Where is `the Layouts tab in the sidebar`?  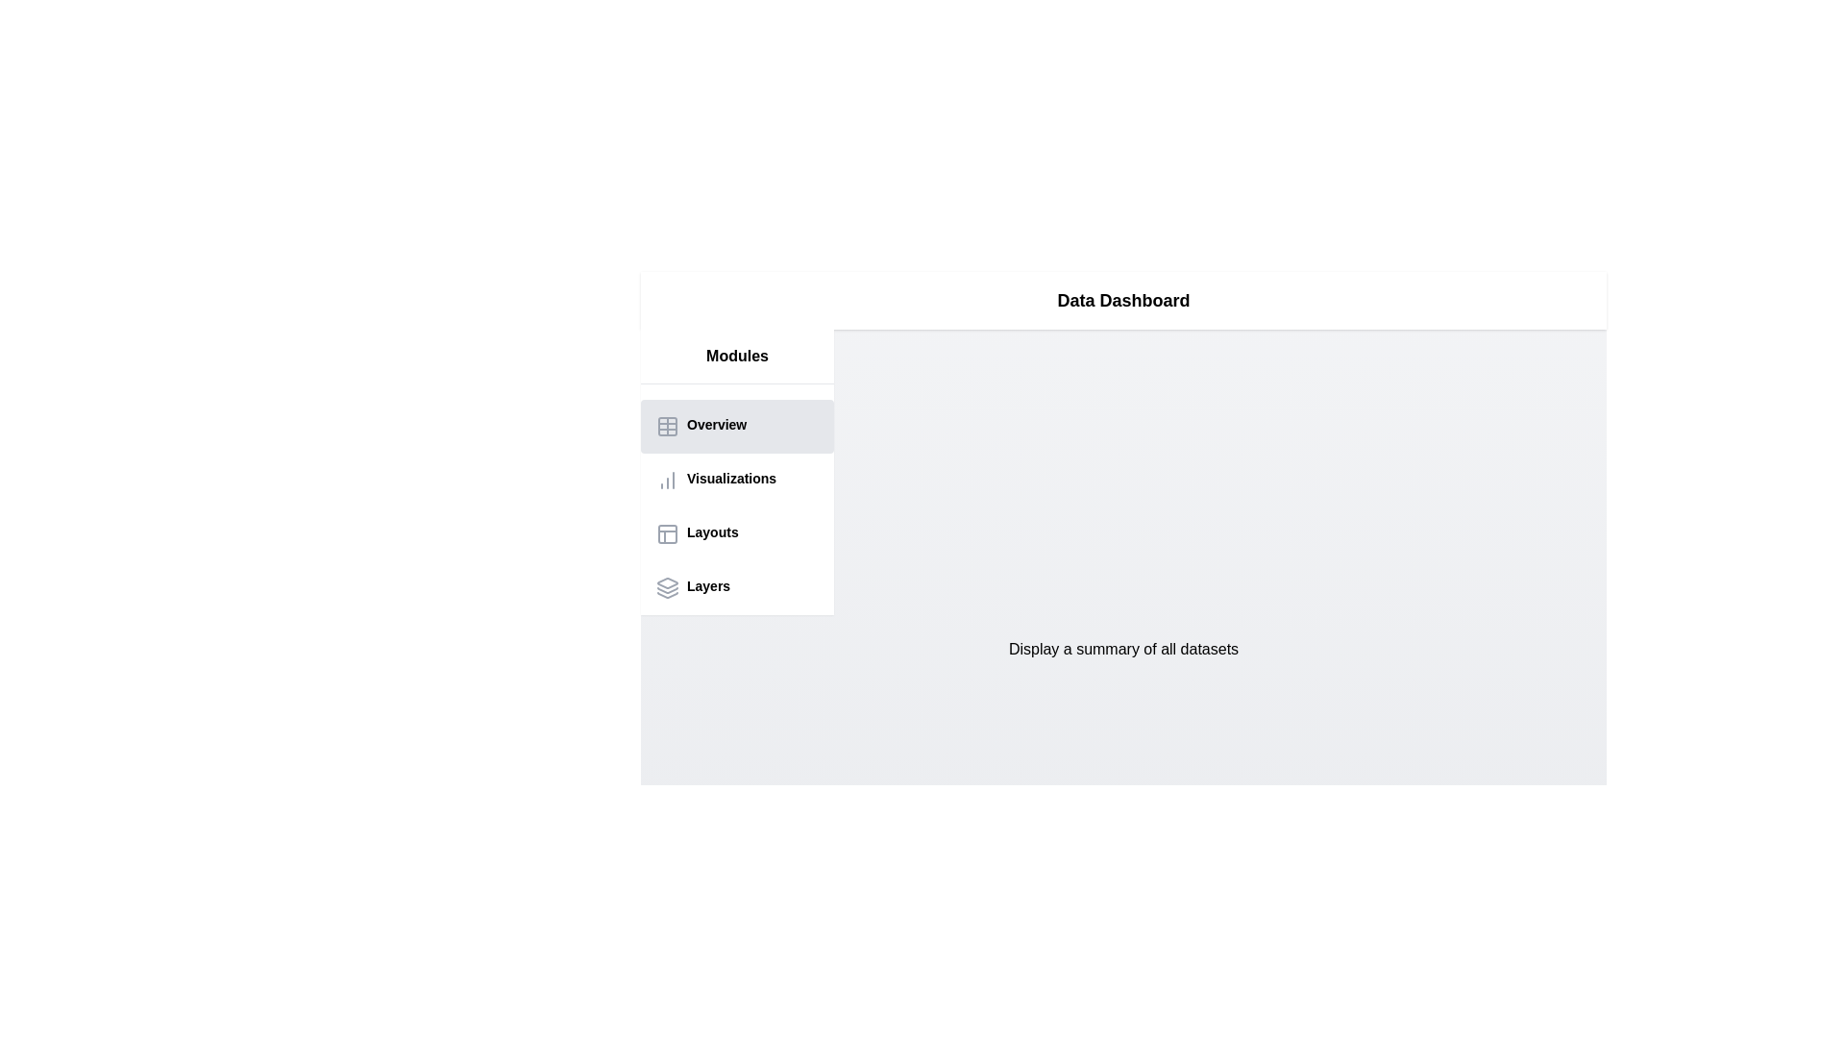 the Layouts tab in the sidebar is located at coordinates (736, 533).